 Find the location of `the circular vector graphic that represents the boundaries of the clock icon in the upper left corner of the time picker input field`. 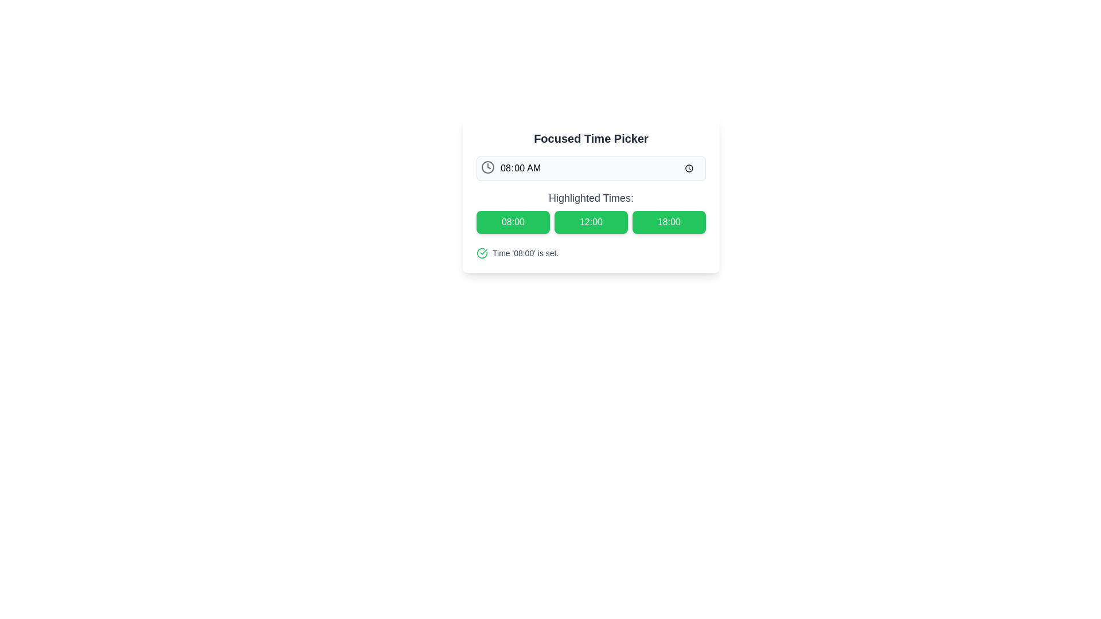

the circular vector graphic that represents the boundaries of the clock icon in the upper left corner of the time picker input field is located at coordinates (487, 167).